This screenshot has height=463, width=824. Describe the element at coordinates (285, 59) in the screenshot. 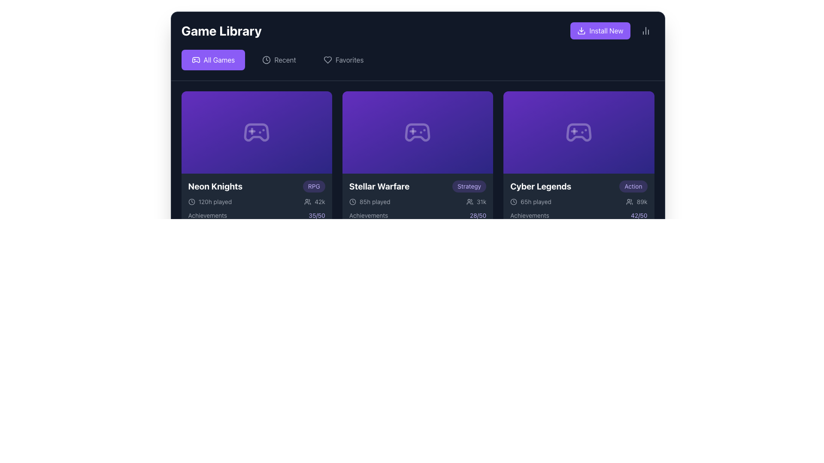

I see `the 'Recent' text label in the horizontal navigation bar` at that location.